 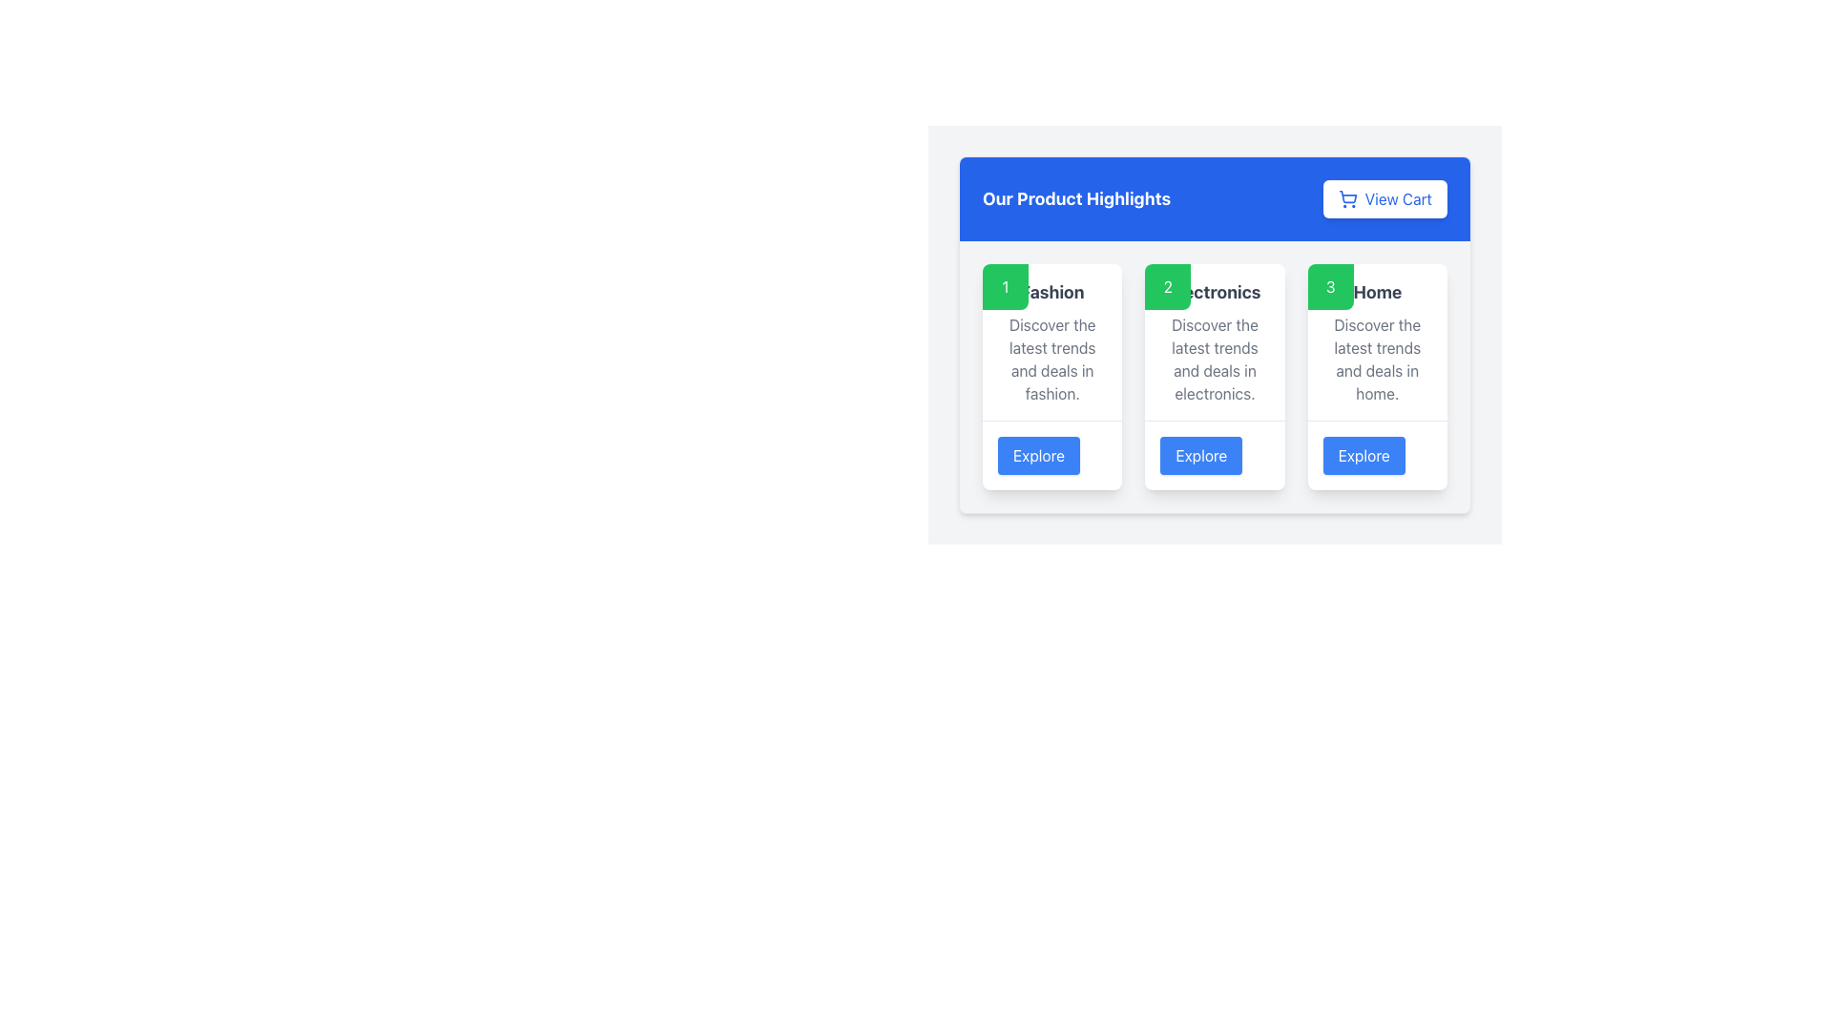 I want to click on bold, large-sized, gray-colored heading text 'Fashion' located at the top of the first card in the 'Our Product Highlights' section, so click(x=1051, y=293).